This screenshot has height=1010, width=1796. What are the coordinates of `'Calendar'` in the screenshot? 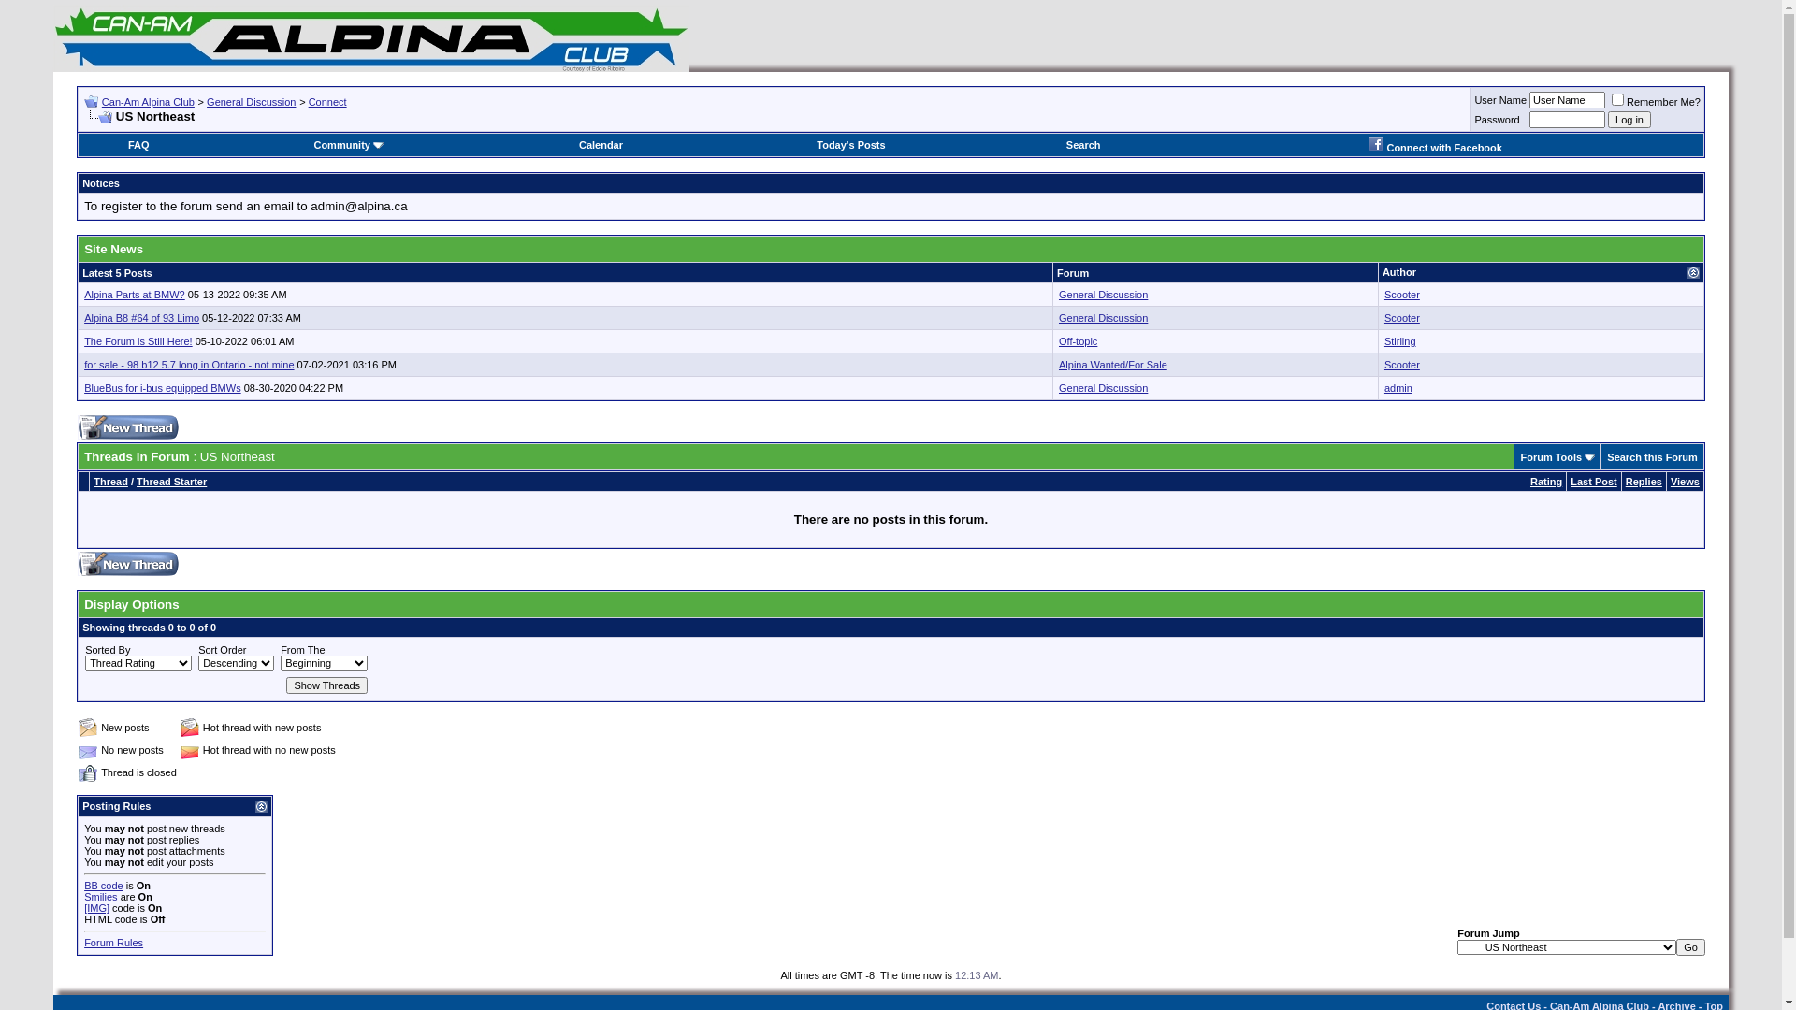 It's located at (601, 143).